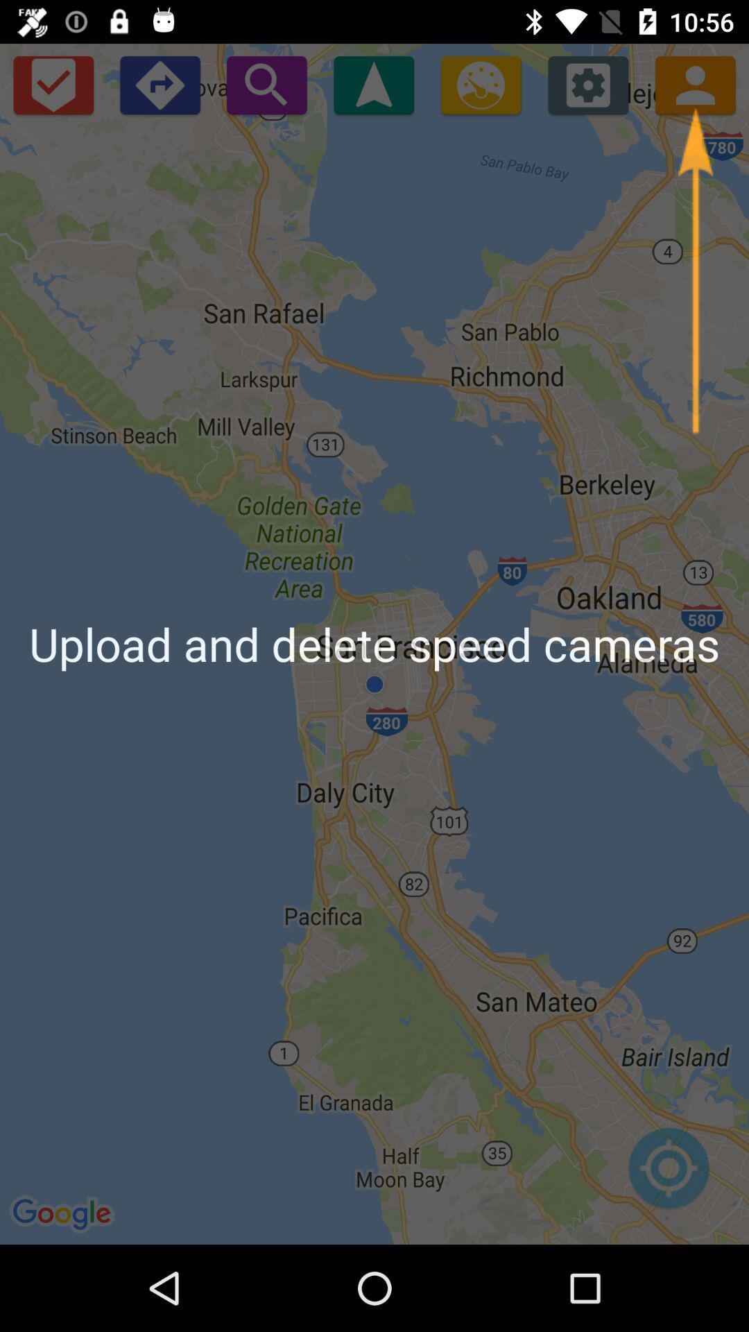 This screenshot has width=749, height=1332. I want to click on arrow, so click(695, 271).